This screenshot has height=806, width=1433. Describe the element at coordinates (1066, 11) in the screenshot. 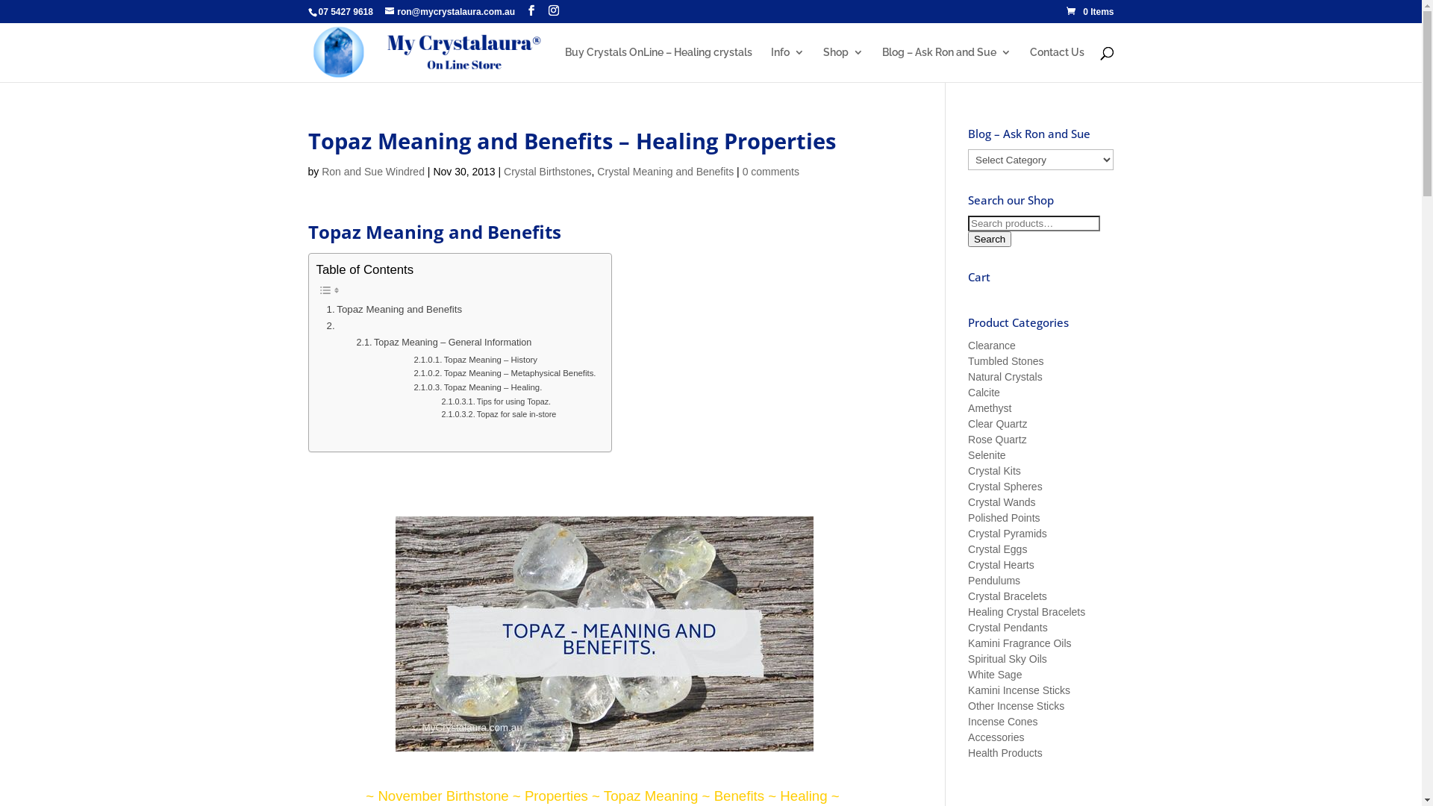

I see `'0 Items'` at that location.